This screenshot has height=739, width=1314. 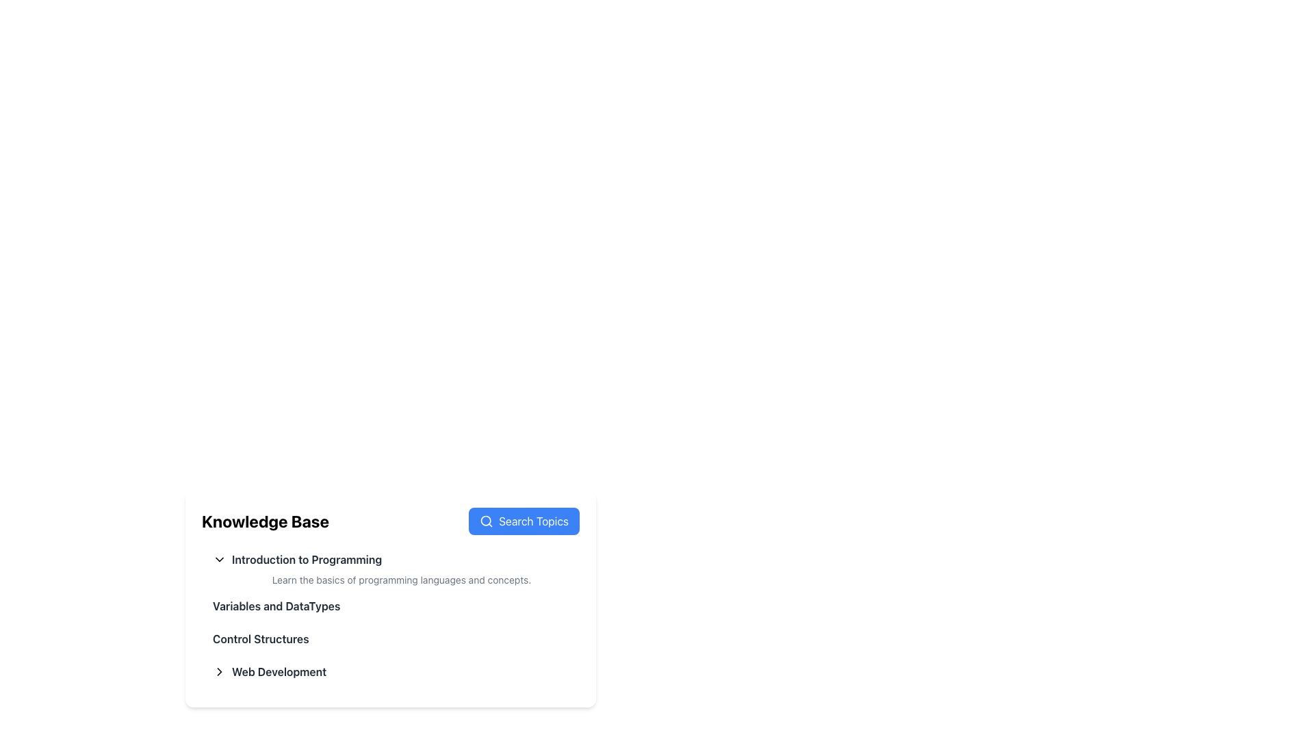 I want to click on the central circular part of the search icon within the blue rectangular button labeled 'Search Topics' located near the top right of the 'Knowledge Base' section, so click(x=486, y=521).